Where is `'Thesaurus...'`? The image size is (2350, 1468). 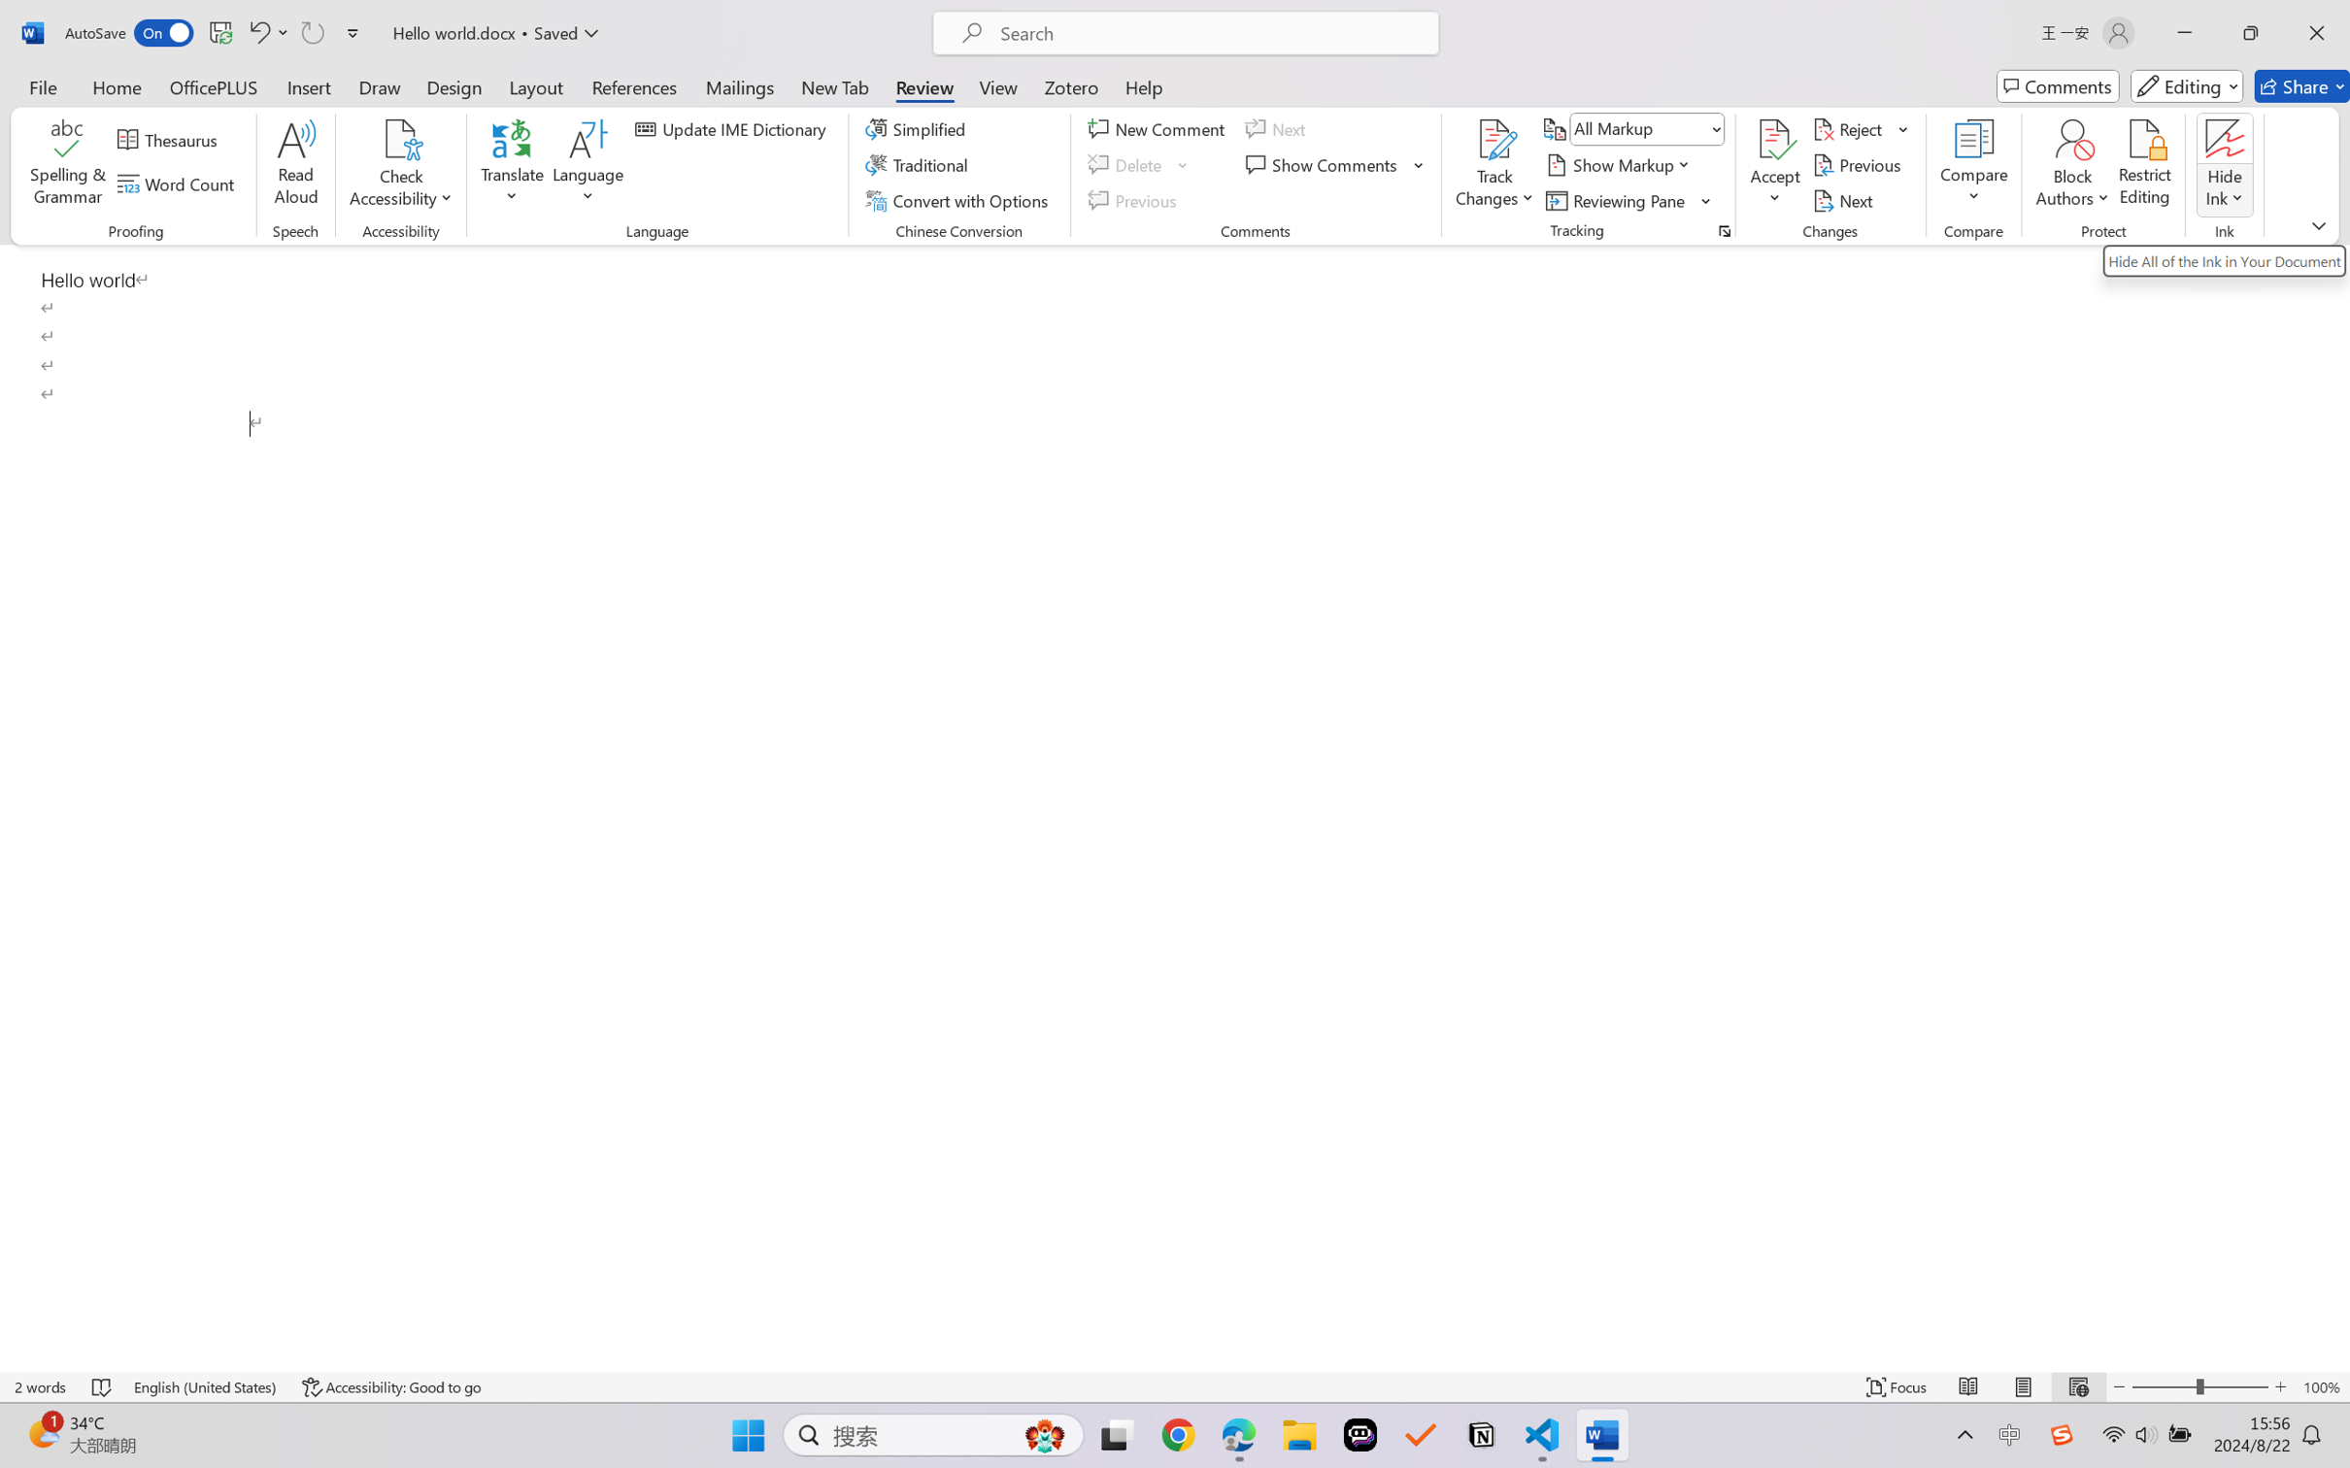
'Thesaurus...' is located at coordinates (171, 140).